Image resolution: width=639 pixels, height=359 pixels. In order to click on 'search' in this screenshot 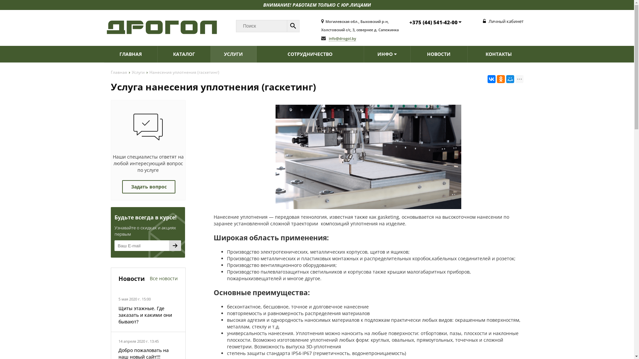, I will do `click(293, 26)`.